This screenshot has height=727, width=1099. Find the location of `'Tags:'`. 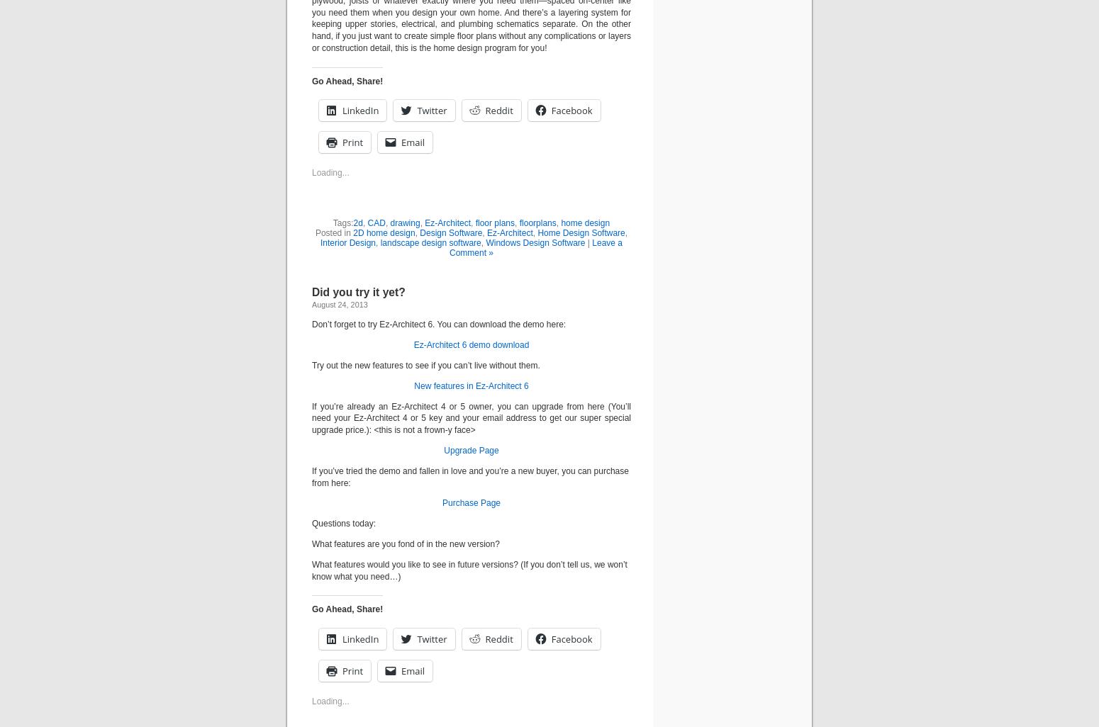

'Tags:' is located at coordinates (332, 222).